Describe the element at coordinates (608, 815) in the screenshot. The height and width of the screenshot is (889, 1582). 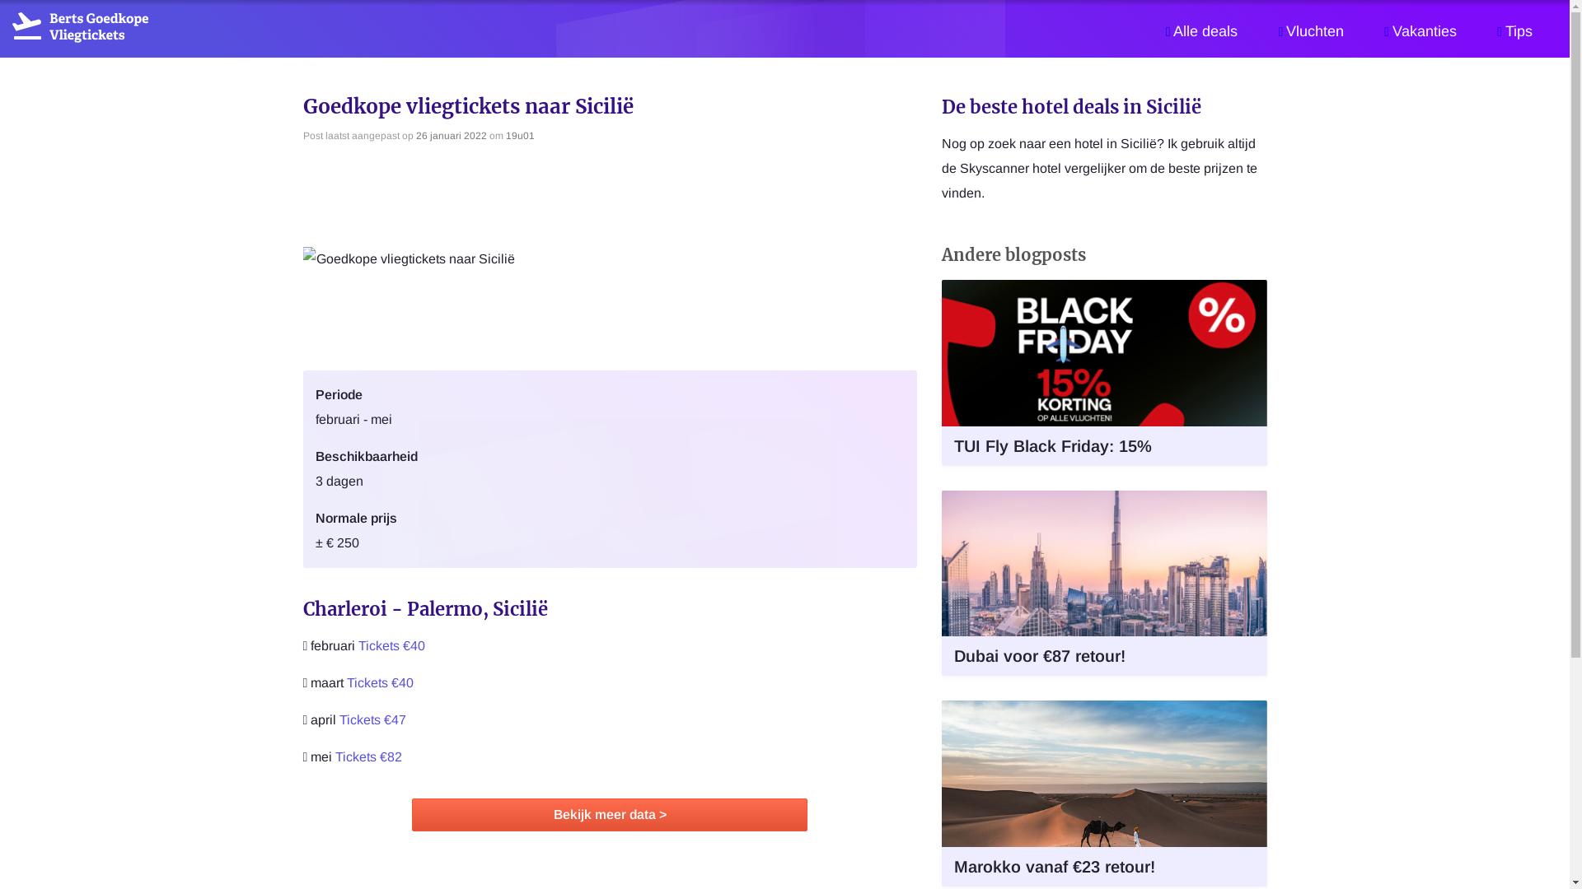
I see `'Bekijk meer data >'` at that location.